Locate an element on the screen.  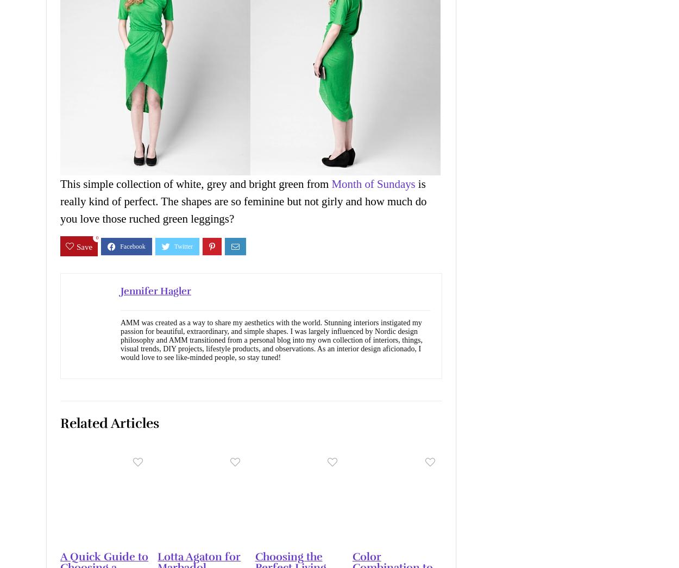
'Jennifer Hagler' is located at coordinates (156, 290).